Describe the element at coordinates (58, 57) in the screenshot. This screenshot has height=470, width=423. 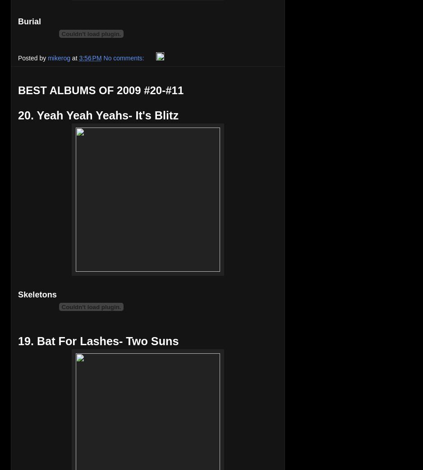
I see `'mikerog'` at that location.